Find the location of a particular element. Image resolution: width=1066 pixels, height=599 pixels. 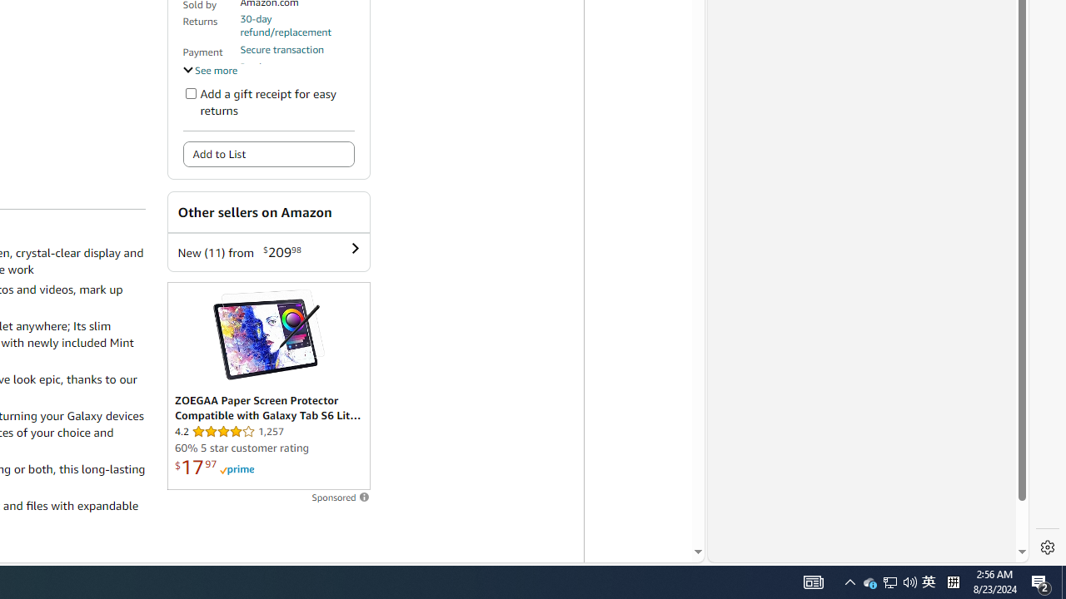

'30-day refund/replacement' is located at coordinates (297, 25).